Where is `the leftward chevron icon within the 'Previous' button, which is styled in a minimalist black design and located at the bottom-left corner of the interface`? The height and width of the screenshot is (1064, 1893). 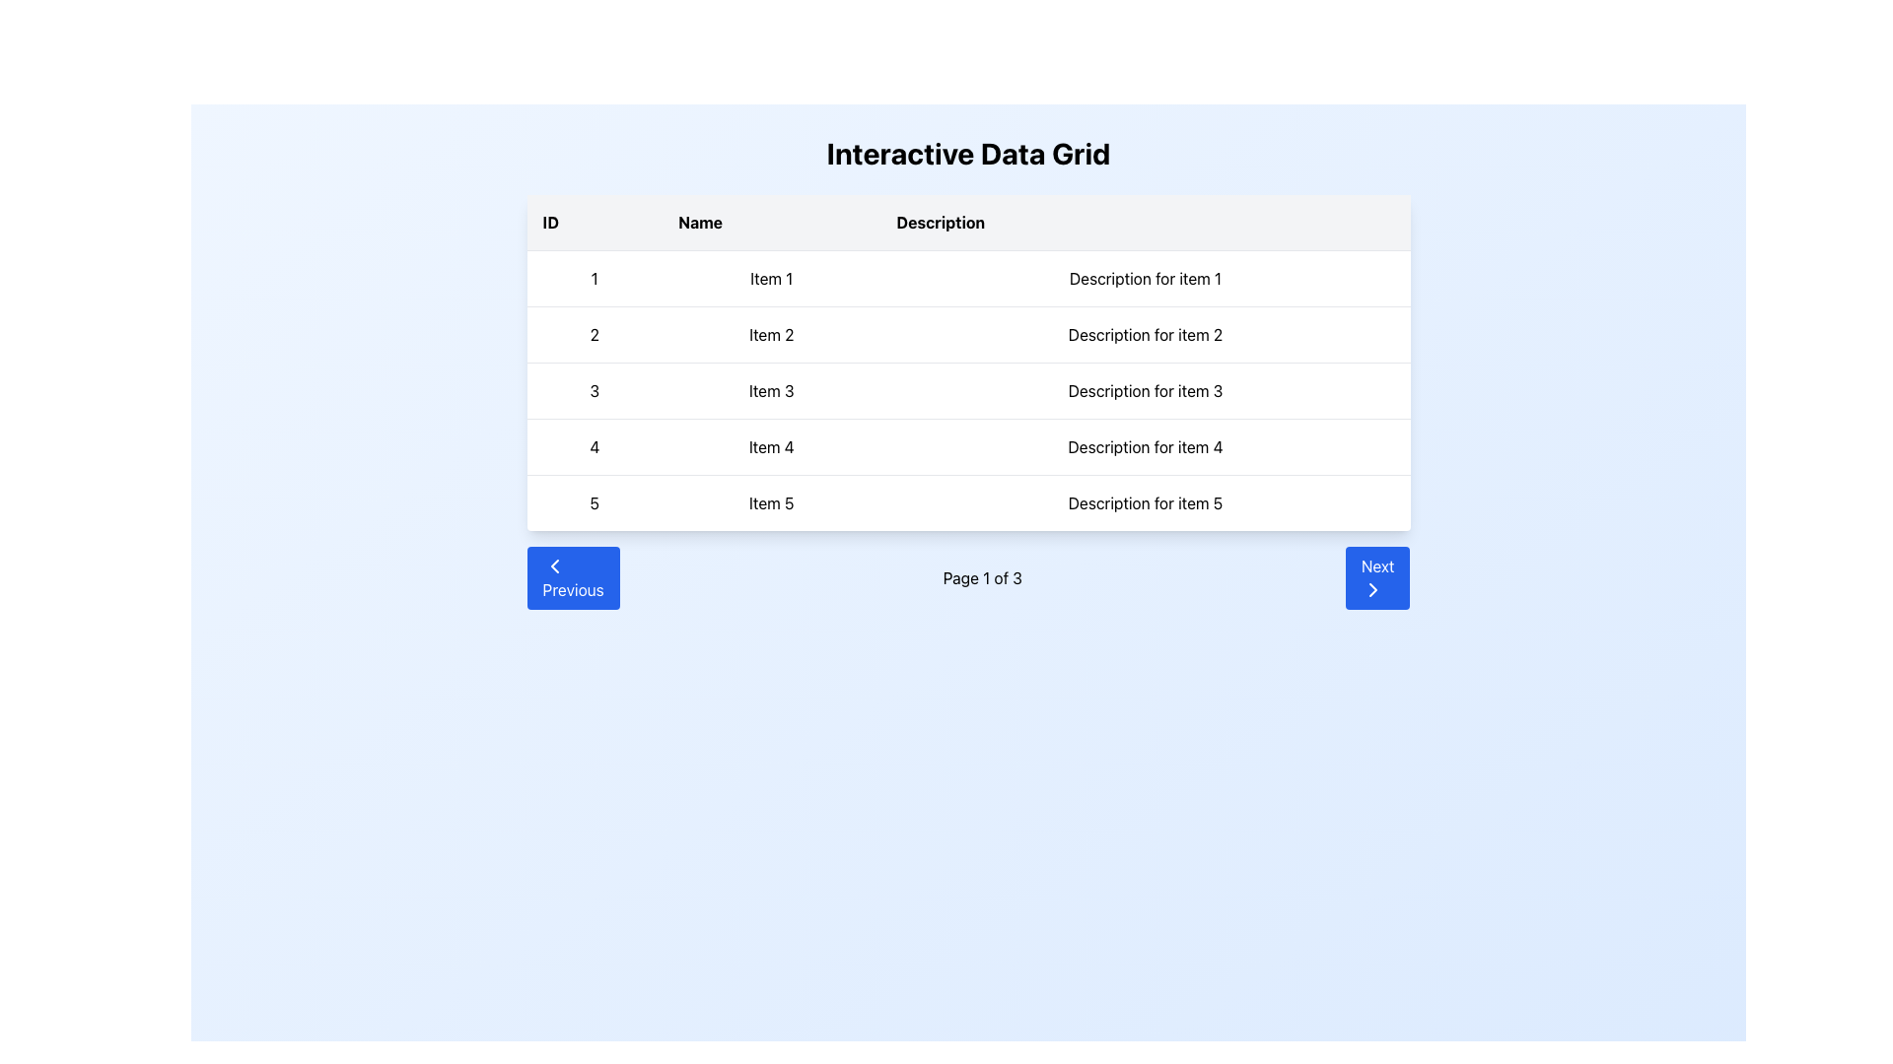
the leftward chevron icon within the 'Previous' button, which is styled in a minimalist black design and located at the bottom-left corner of the interface is located at coordinates (553, 565).